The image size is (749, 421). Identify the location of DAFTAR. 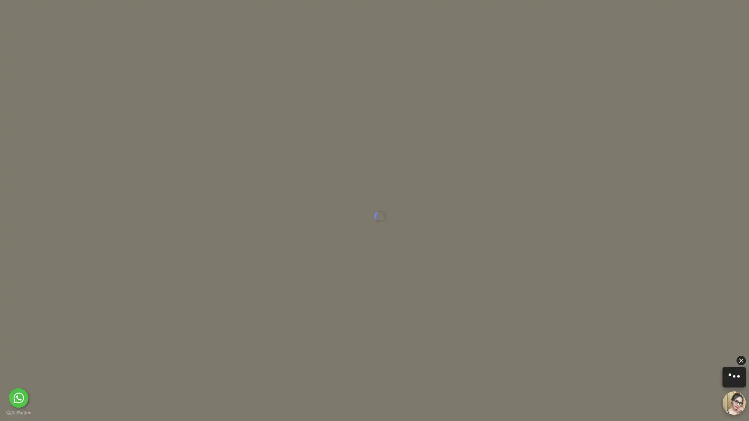
(575, 13).